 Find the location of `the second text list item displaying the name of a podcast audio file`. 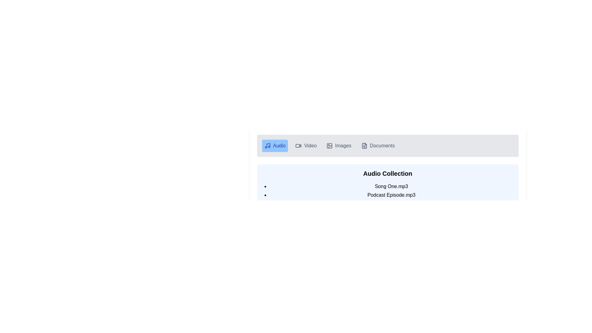

the second text list item displaying the name of a podcast audio file is located at coordinates (391, 195).